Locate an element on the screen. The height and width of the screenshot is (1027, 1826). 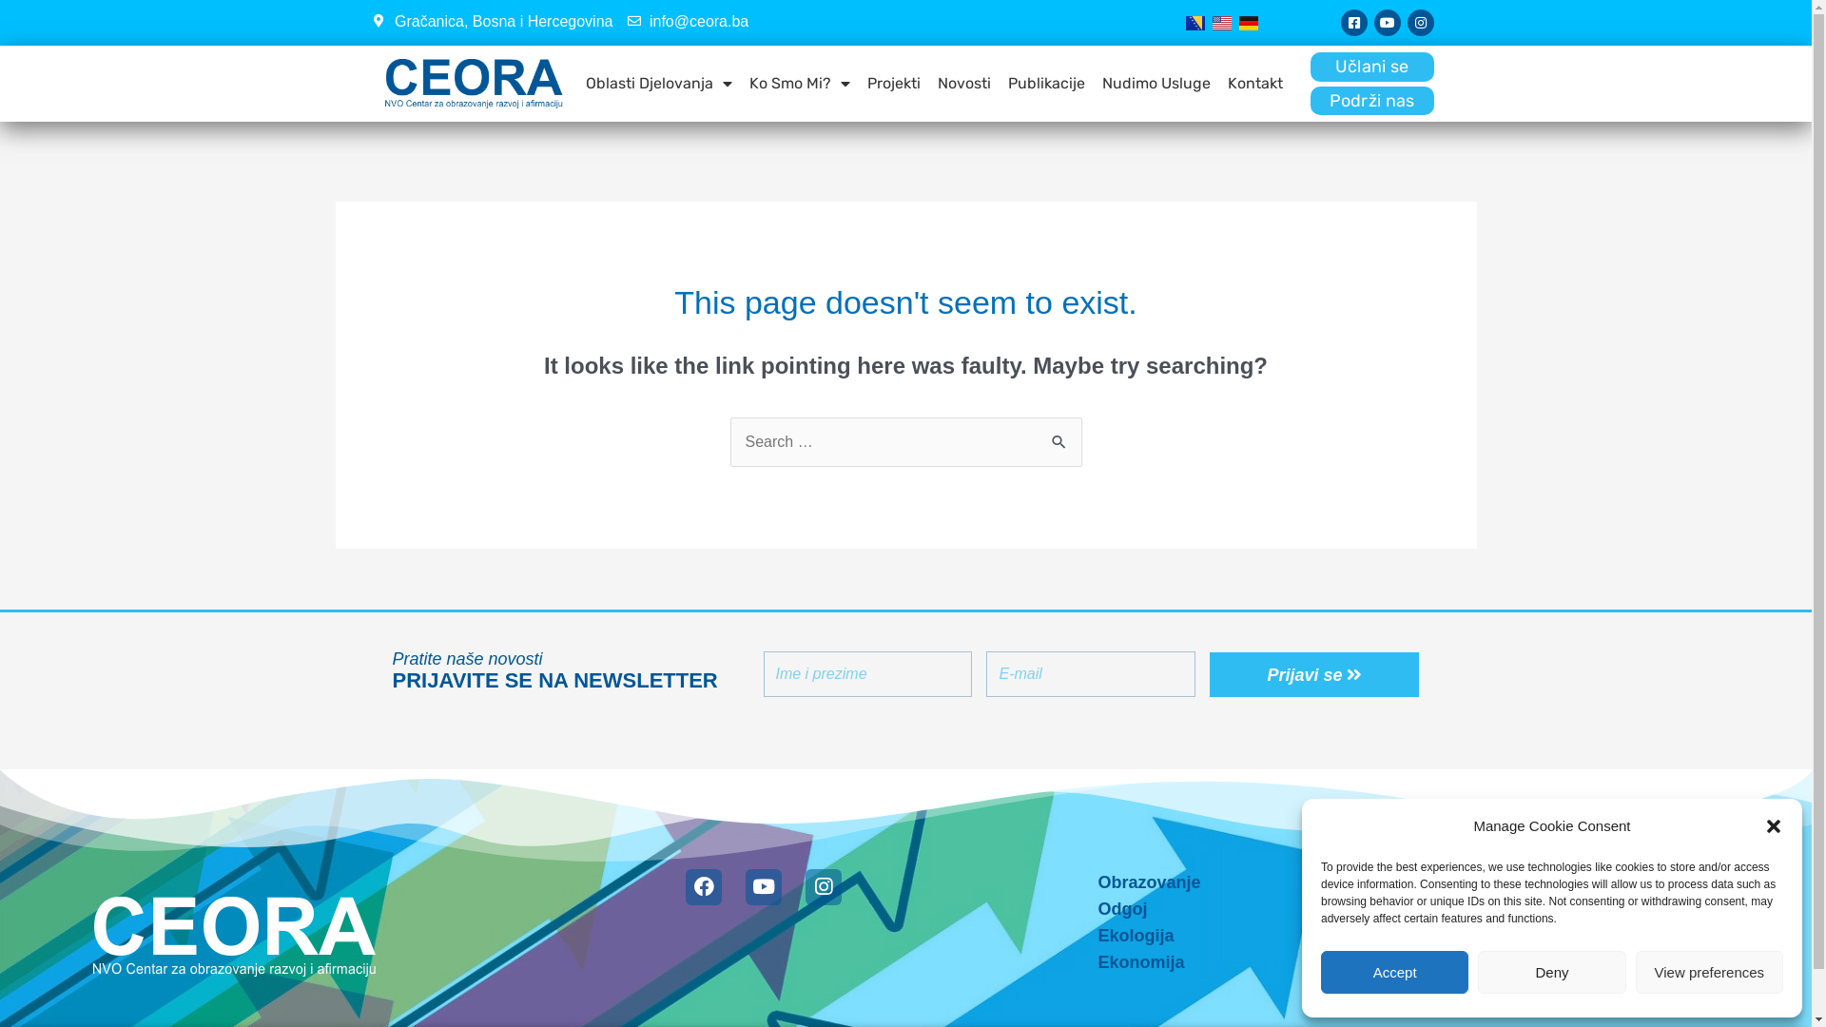
'Projekti' is located at coordinates (862, 83).